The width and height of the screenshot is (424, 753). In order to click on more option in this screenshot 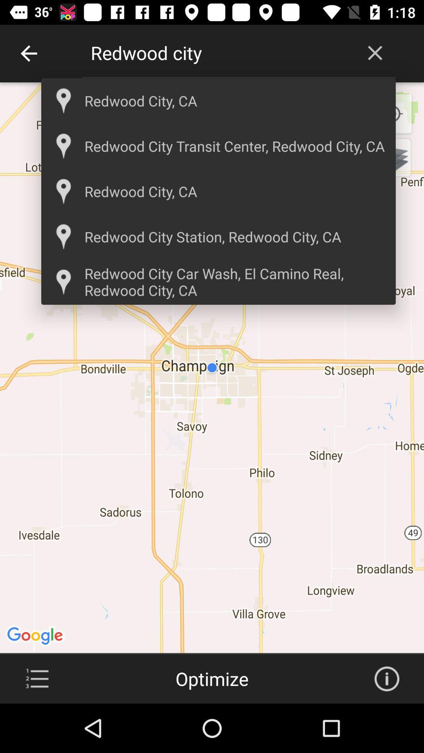, I will do `click(37, 678)`.